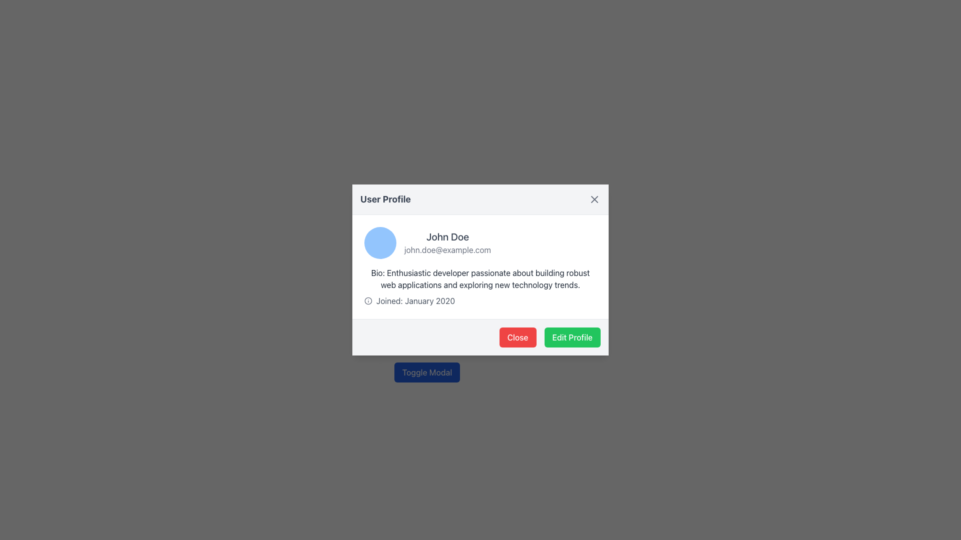  I want to click on the informational icon located to the left of the 'Joined: January 2020' text, so click(367, 300).